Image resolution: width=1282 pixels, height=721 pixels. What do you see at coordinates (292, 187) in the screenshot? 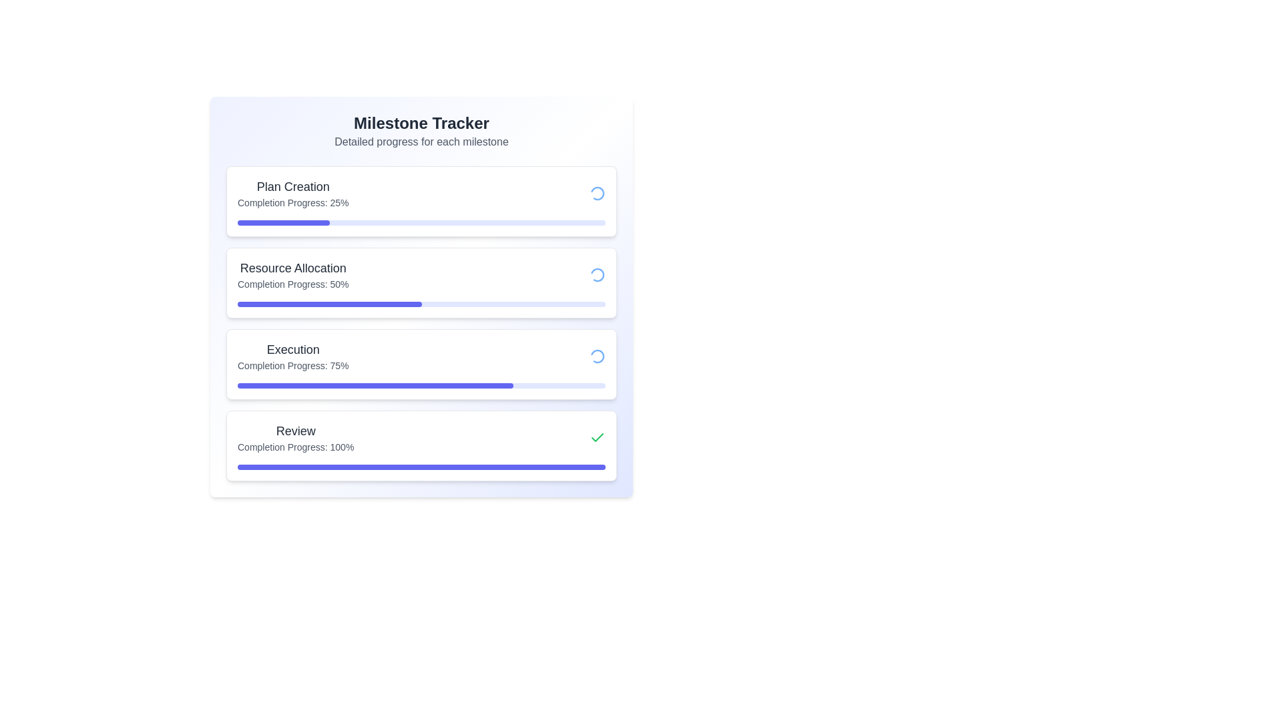
I see `the text label displaying 'Plan Creation', which is located in the top card of the milestone tracking sections` at bounding box center [292, 187].